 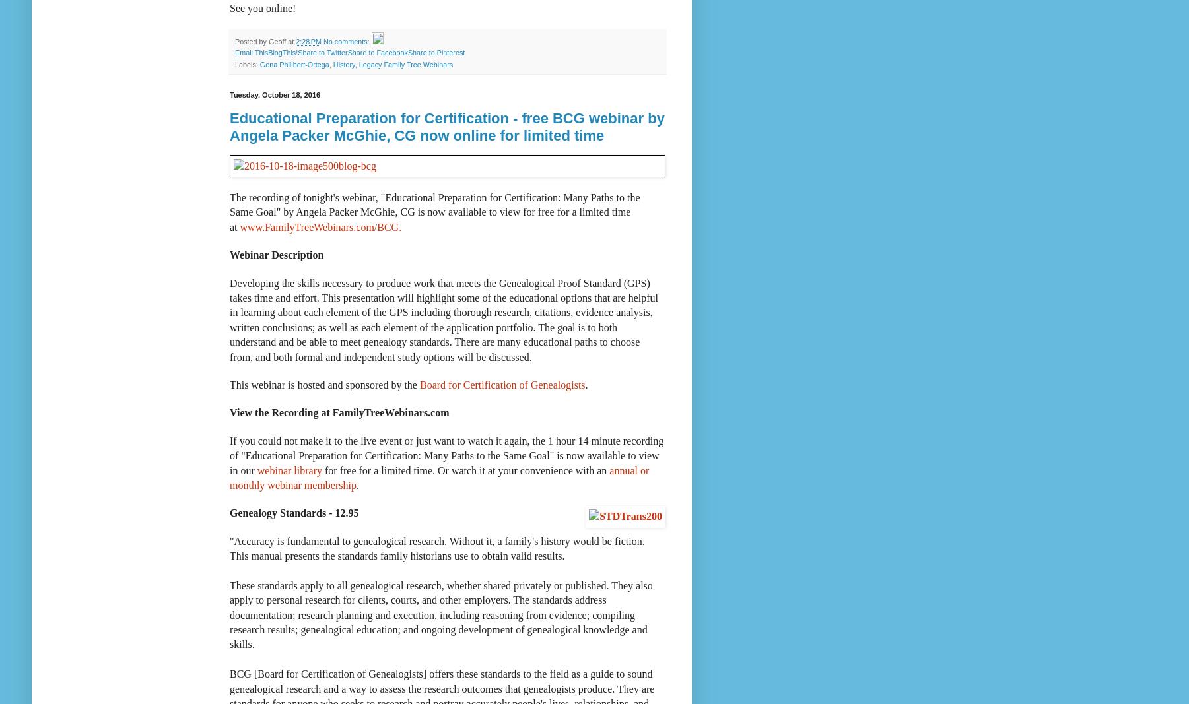 I want to click on 'at', so click(x=287, y=40).